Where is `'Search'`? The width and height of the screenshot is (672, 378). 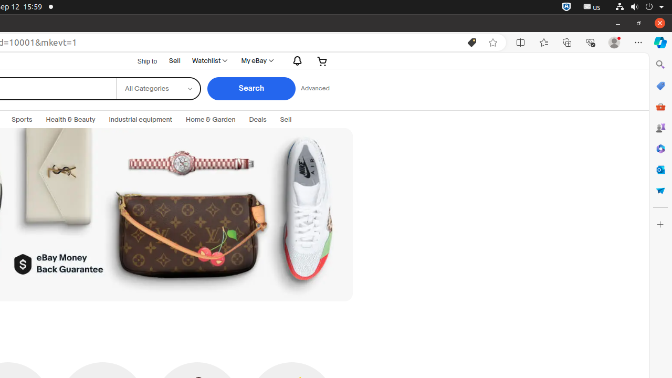
'Search' is located at coordinates (250, 88).